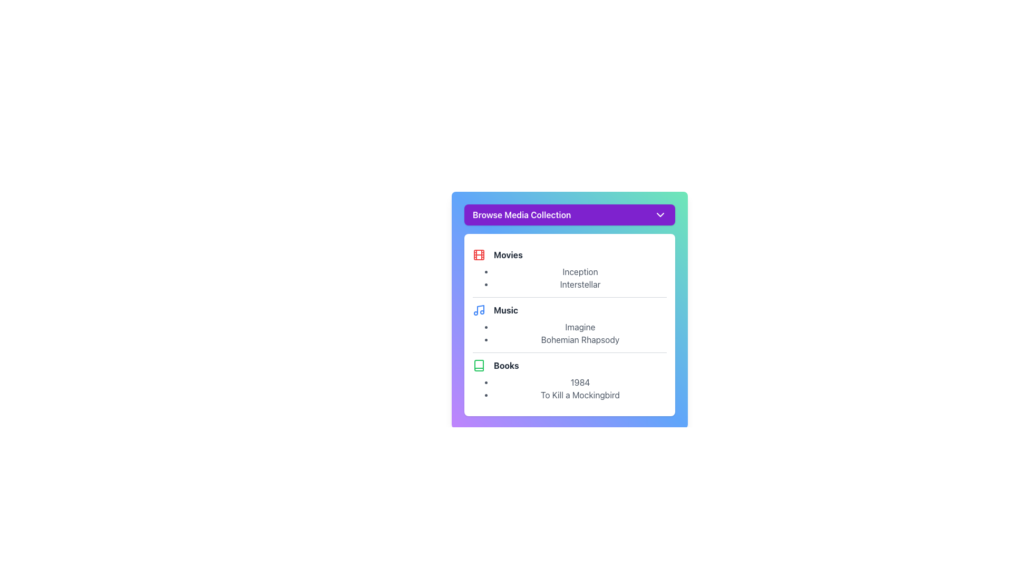 The width and height of the screenshot is (1012, 569). I want to click on the bullet point 'Imagine' or 'Bohemian Rhapsody' in the Music category section, so click(569, 324).